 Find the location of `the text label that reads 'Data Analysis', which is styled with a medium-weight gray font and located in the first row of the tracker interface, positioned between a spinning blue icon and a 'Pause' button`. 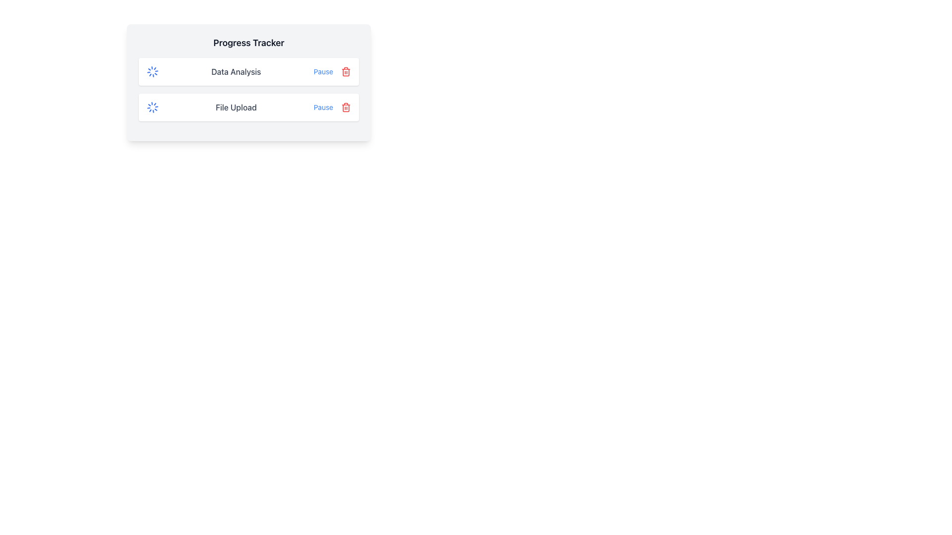

the text label that reads 'Data Analysis', which is styled with a medium-weight gray font and located in the first row of the tracker interface, positioned between a spinning blue icon and a 'Pause' button is located at coordinates (236, 71).